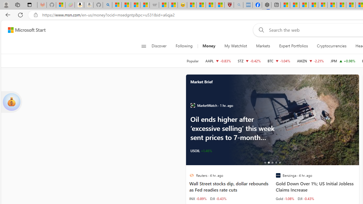  Describe the element at coordinates (193, 105) in the screenshot. I see `'MarketWatch'` at that location.